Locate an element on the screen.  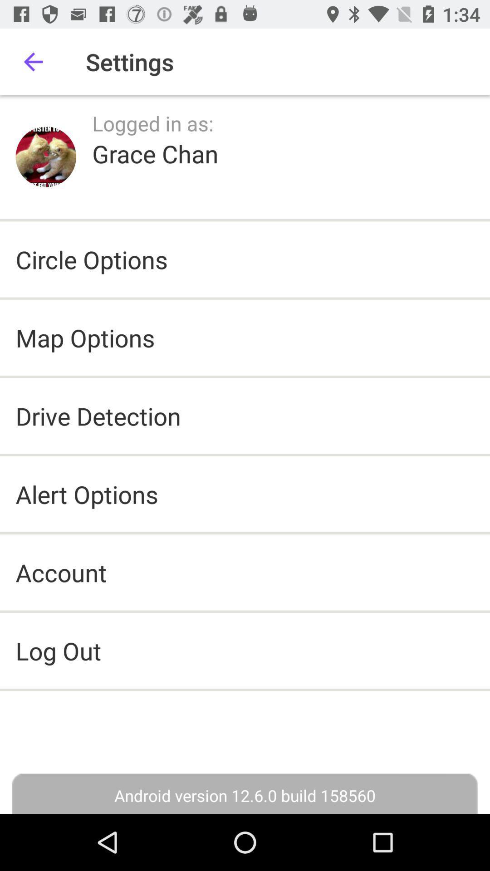
the drive detection item is located at coordinates (98, 415).